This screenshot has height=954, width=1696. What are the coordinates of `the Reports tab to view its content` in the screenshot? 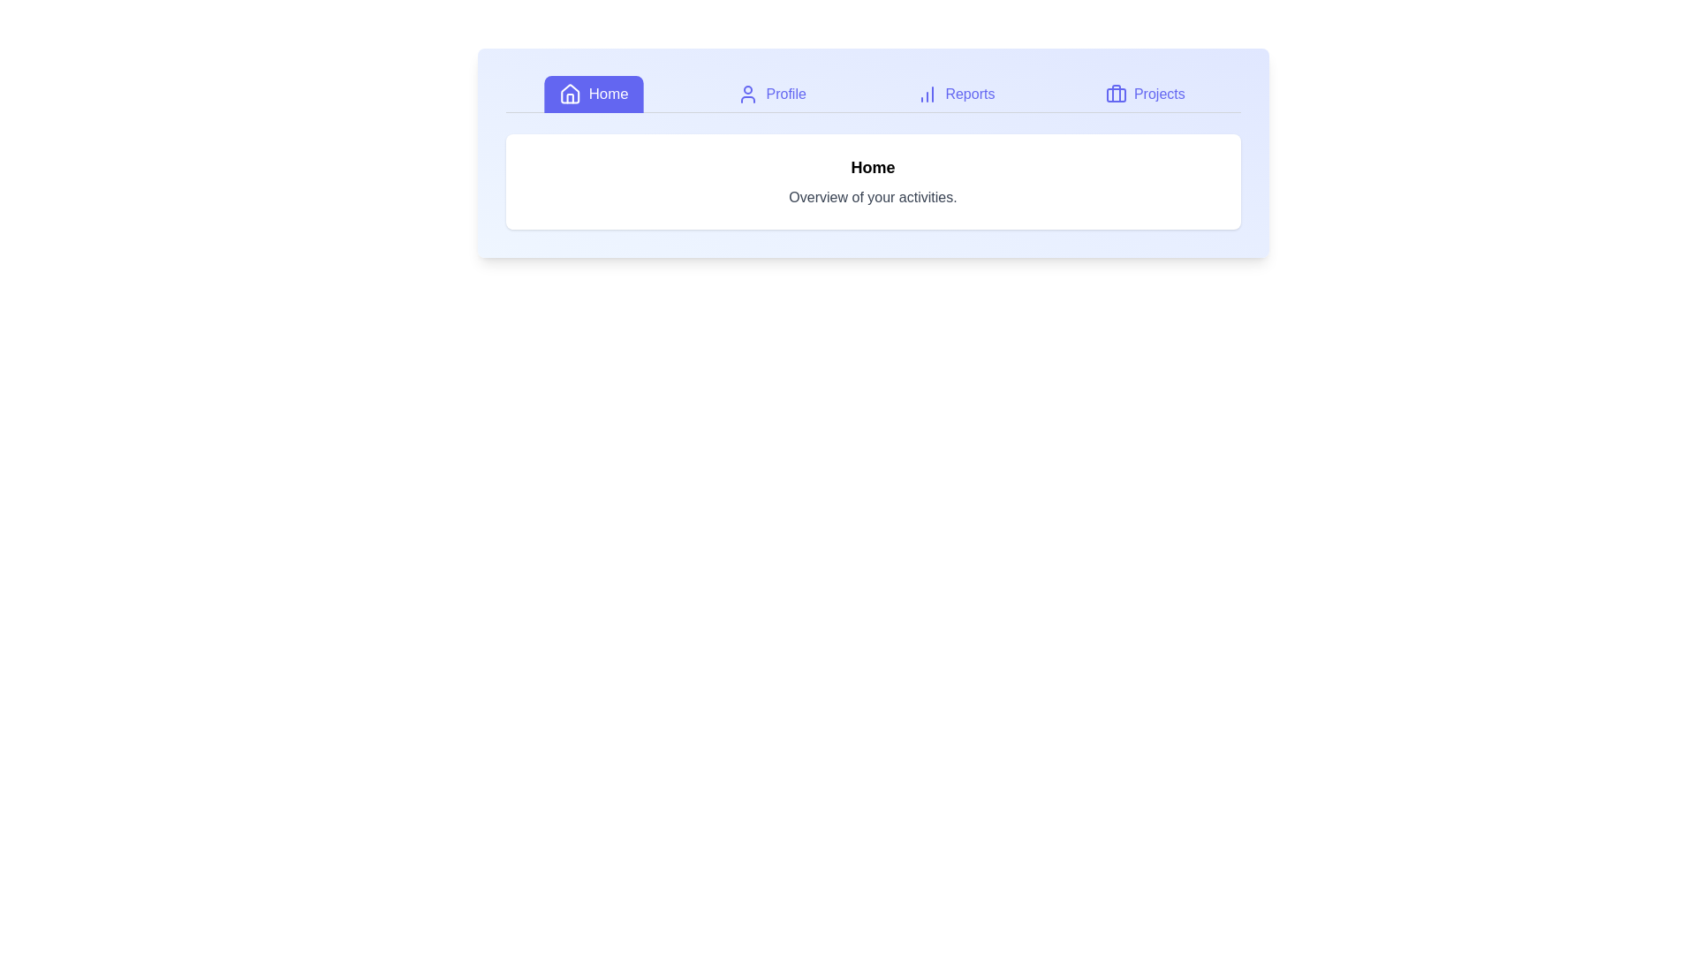 It's located at (955, 95).